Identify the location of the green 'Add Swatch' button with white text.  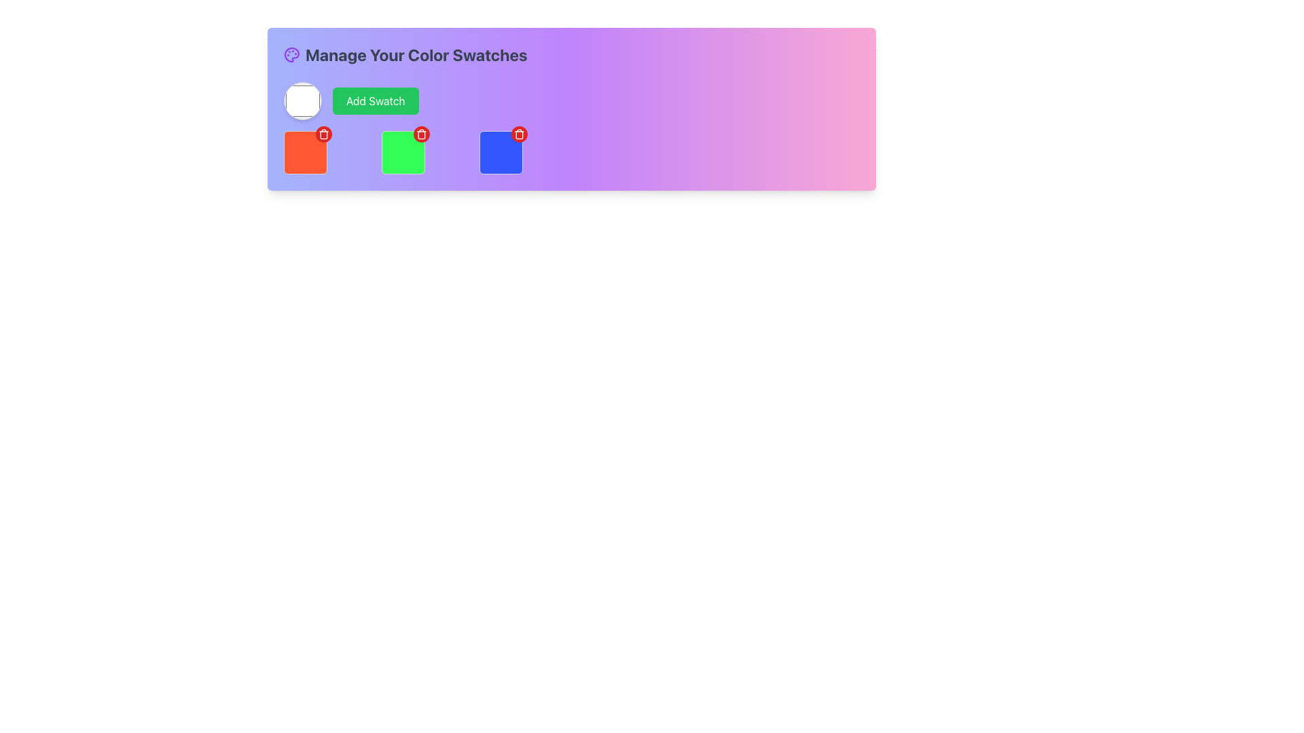
(375, 100).